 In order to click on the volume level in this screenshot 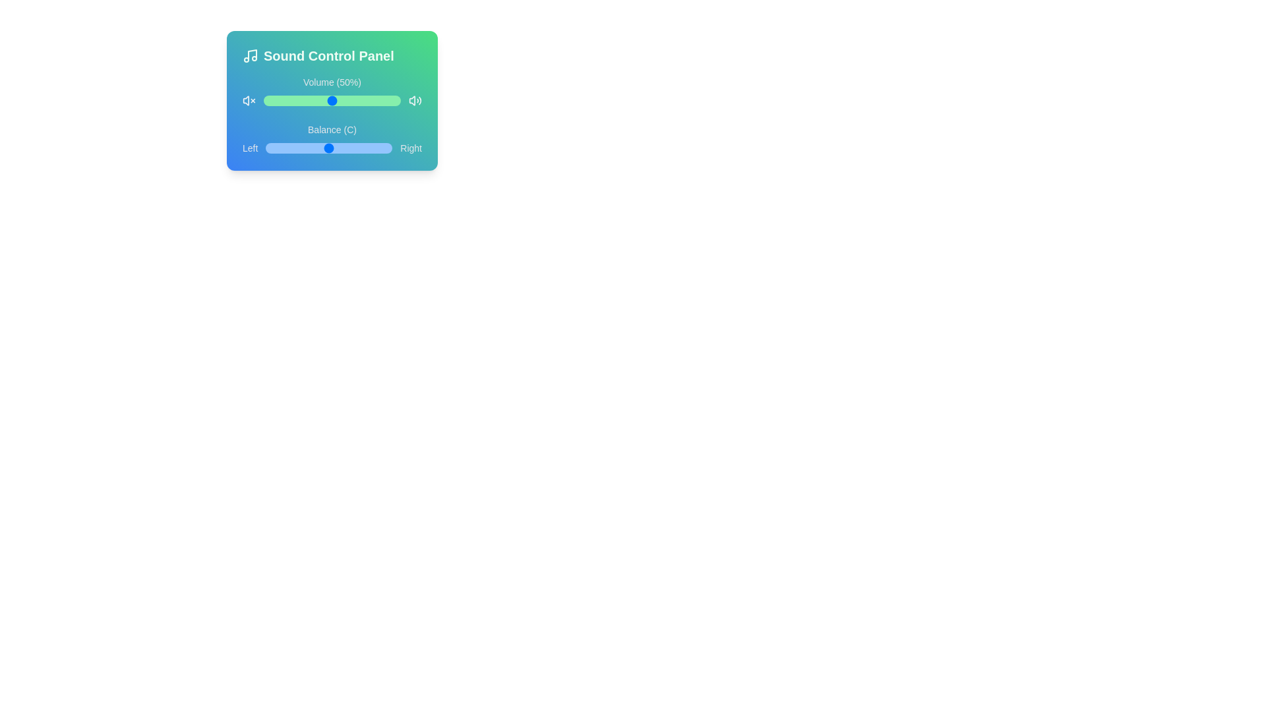, I will do `click(305, 100)`.